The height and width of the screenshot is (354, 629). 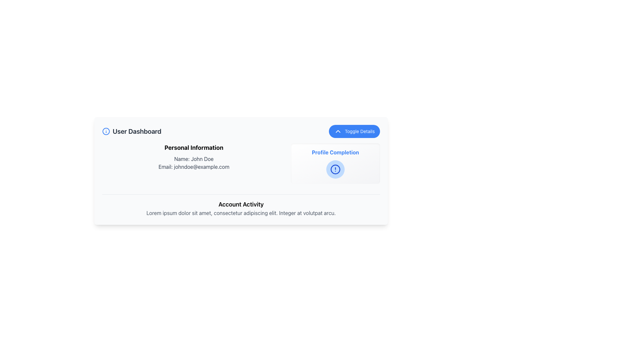 What do you see at coordinates (240, 213) in the screenshot?
I see `the text paragraph styled in gray color that contains the placeholder sentence beginning with 'Lorem ipsum dolor sit amet,' located below the 'Account Activity' header` at bounding box center [240, 213].